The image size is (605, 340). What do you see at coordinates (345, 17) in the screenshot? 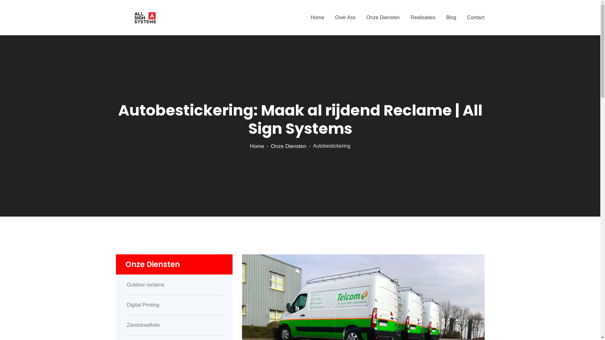
I see `'Over Ass'` at bounding box center [345, 17].